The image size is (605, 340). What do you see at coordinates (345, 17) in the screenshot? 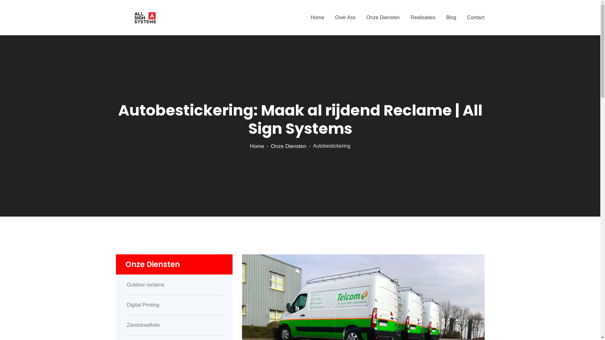
I see `'Over Ass'` at bounding box center [345, 17].